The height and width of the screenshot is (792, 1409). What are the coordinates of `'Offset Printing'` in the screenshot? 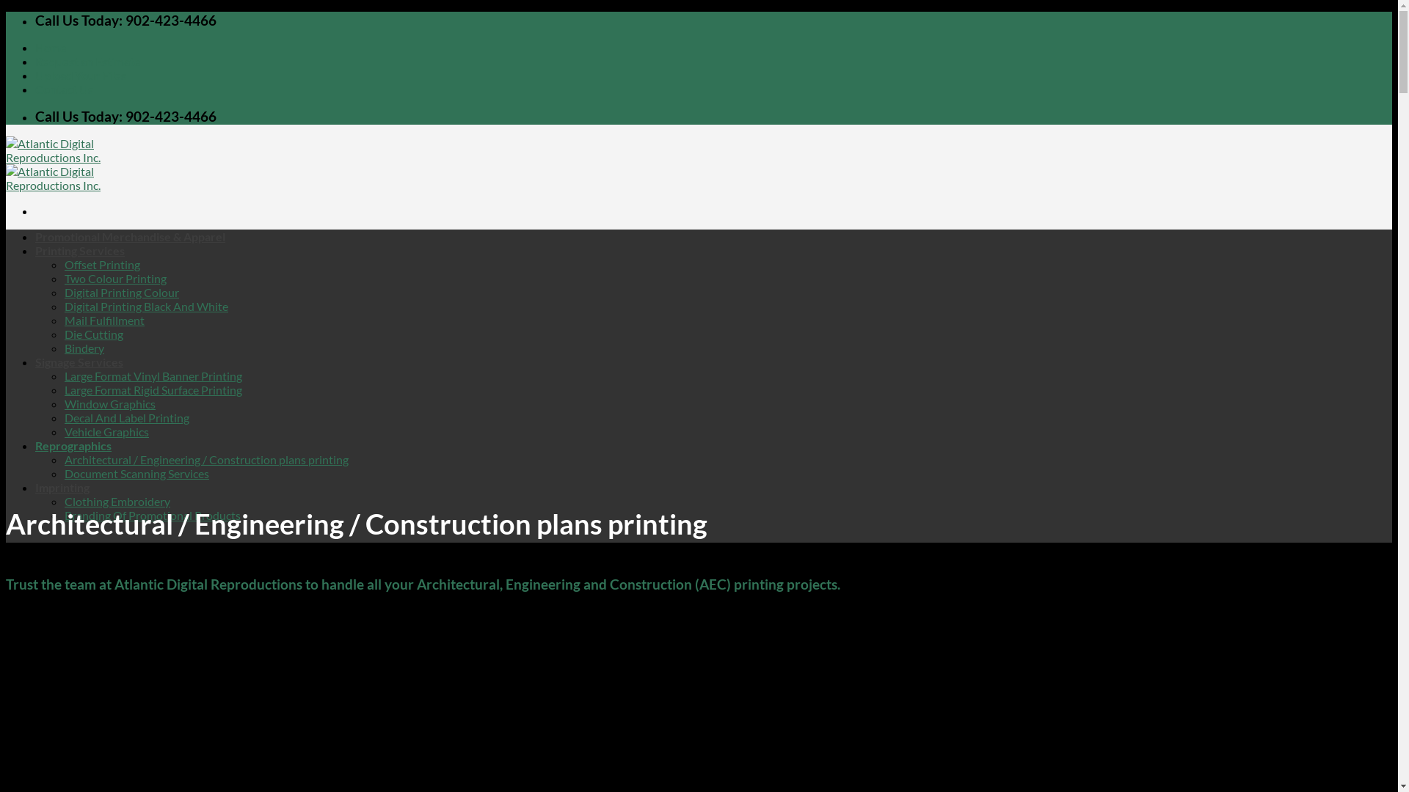 It's located at (101, 264).